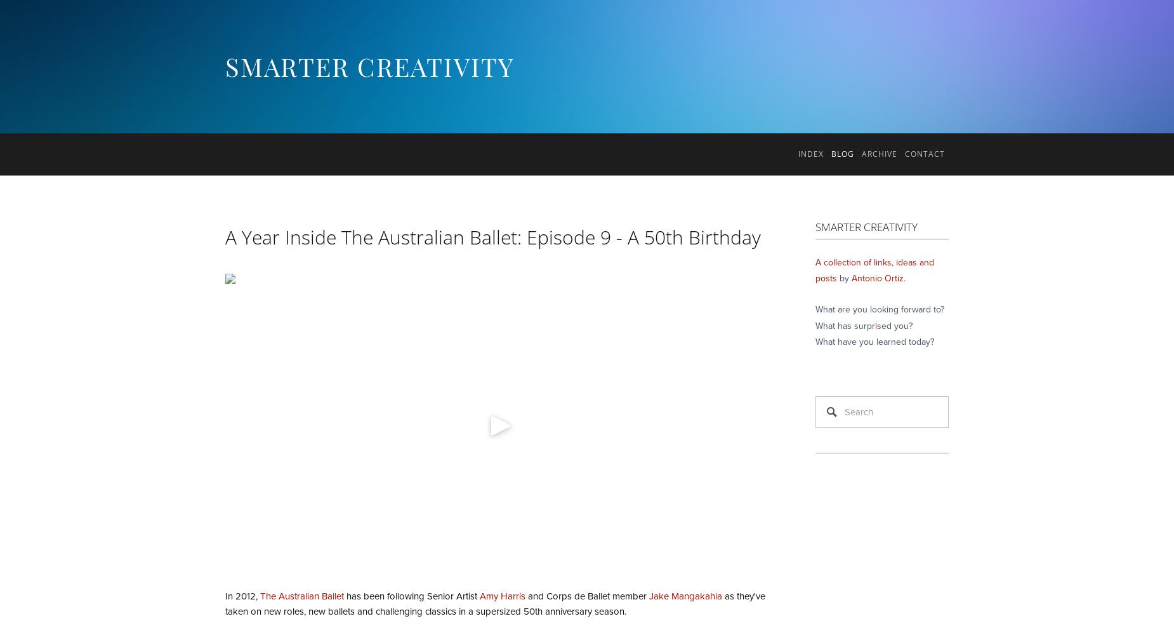  Describe the element at coordinates (841, 153) in the screenshot. I see `'Blog'` at that location.